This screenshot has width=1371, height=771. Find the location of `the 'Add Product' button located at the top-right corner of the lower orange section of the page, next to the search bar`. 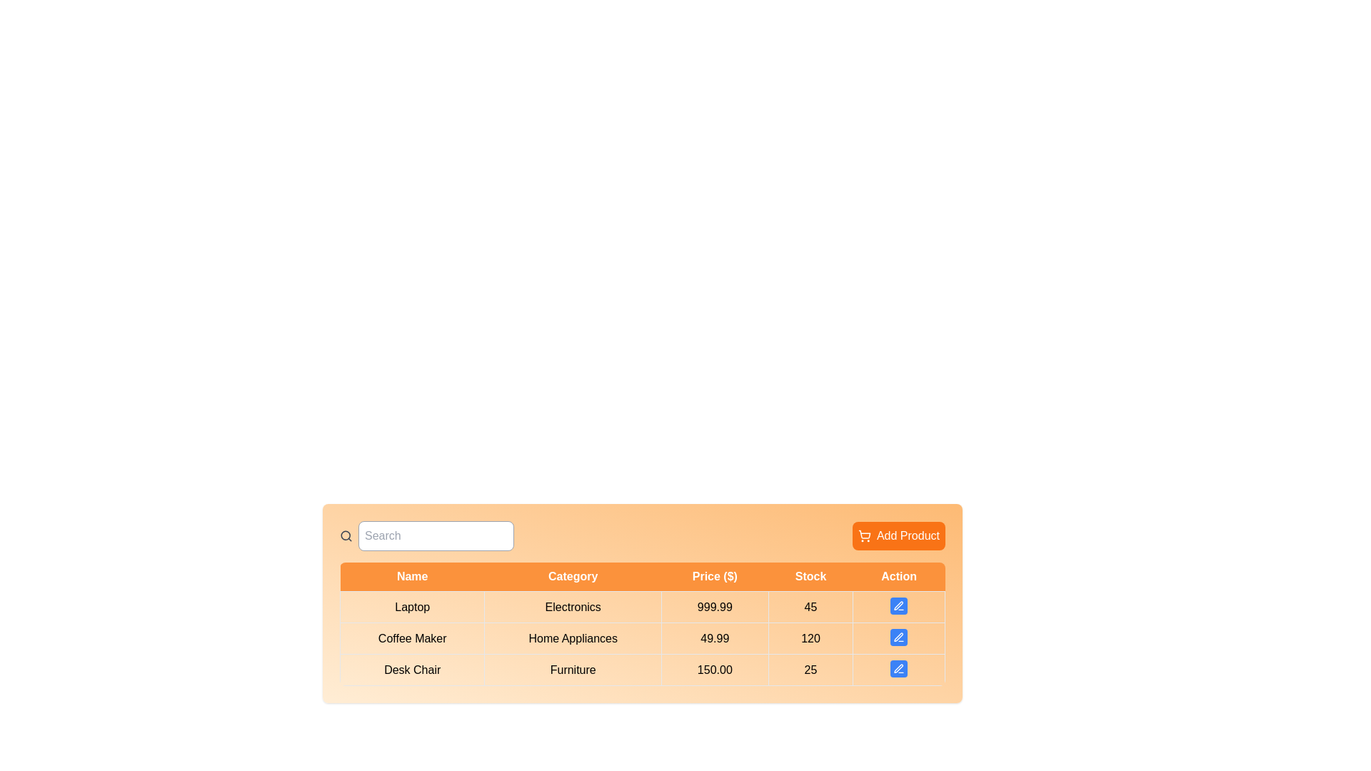

the 'Add Product' button located at the top-right corner of the lower orange section of the page, next to the search bar is located at coordinates (898, 536).